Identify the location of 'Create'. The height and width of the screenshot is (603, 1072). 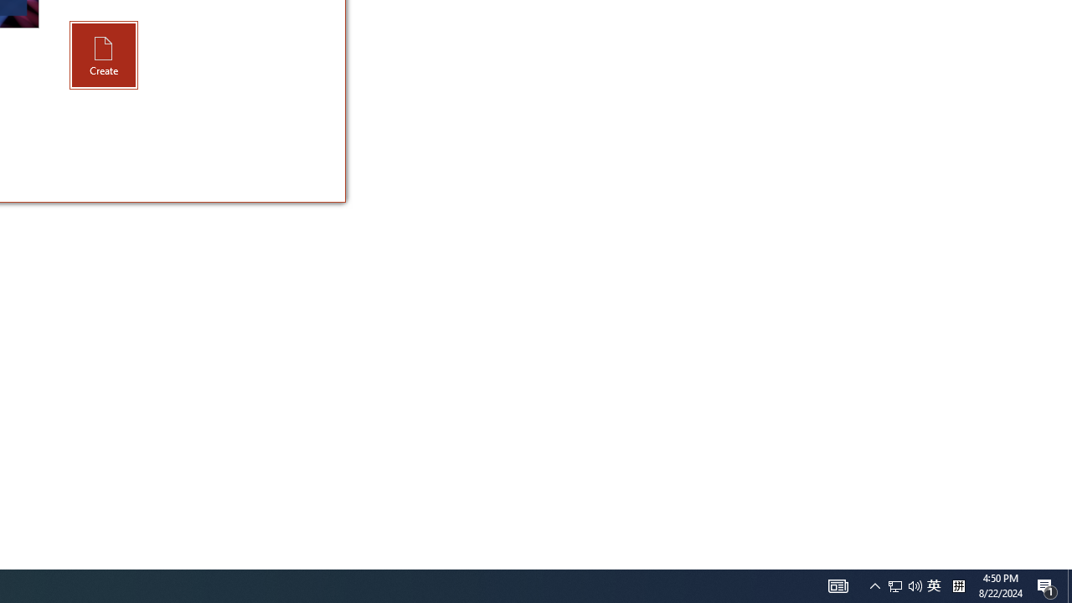
(103, 54).